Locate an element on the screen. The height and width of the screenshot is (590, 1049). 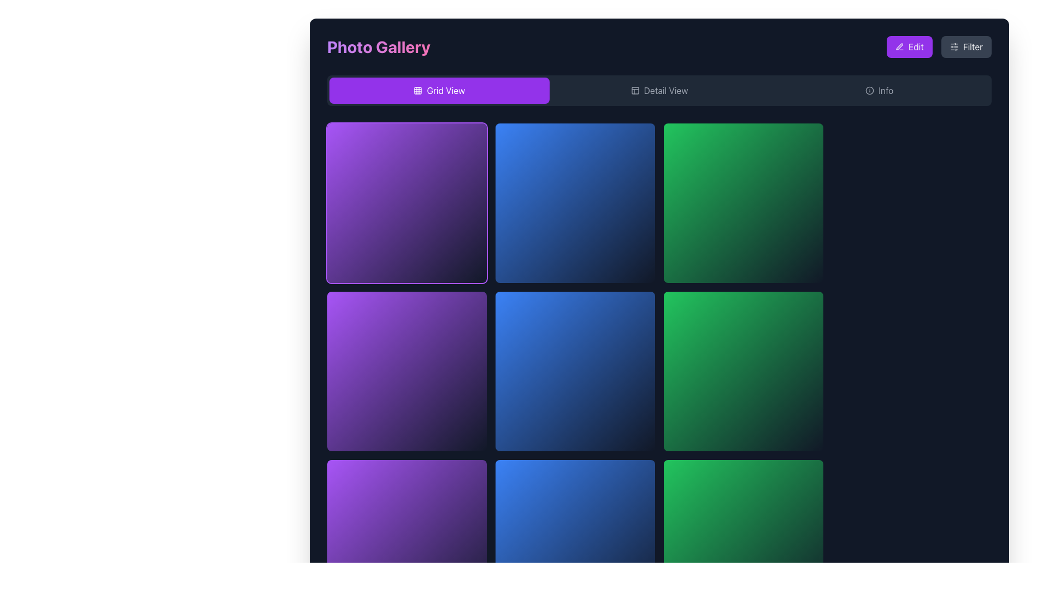
code of the small rectangular SVG element with rounded corners located in the upper-right section of the interface, which serves as the background for an icon is located at coordinates (635, 90).